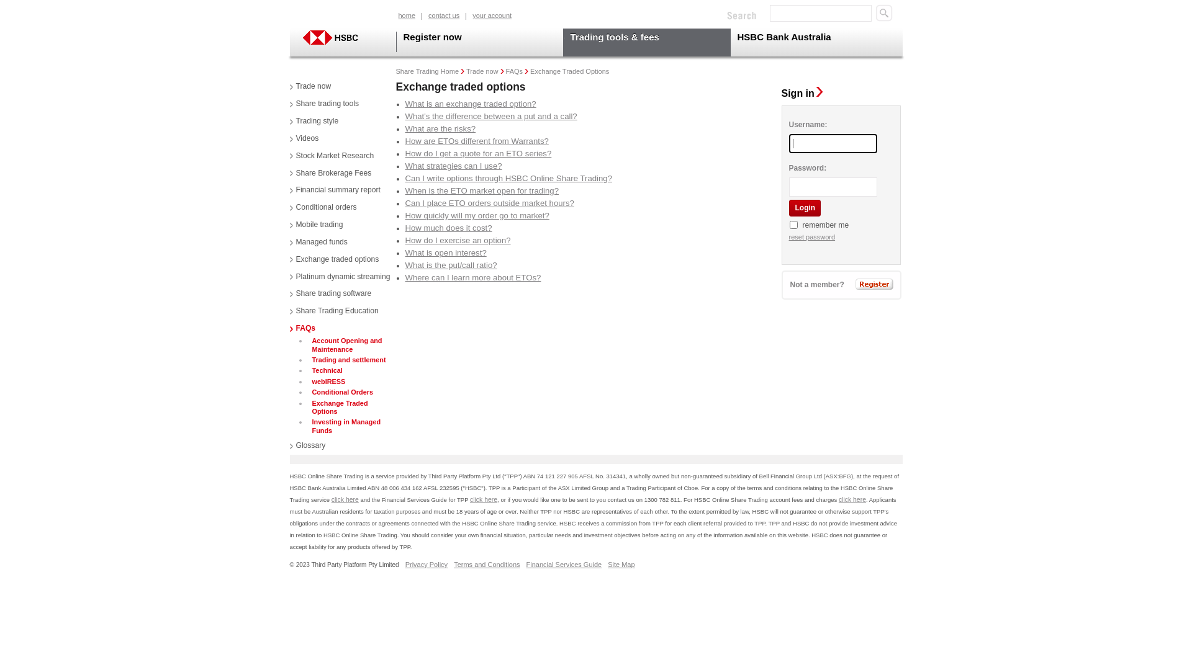 The height and width of the screenshot is (670, 1192). I want to click on 'What is an exchange traded option?', so click(469, 103).